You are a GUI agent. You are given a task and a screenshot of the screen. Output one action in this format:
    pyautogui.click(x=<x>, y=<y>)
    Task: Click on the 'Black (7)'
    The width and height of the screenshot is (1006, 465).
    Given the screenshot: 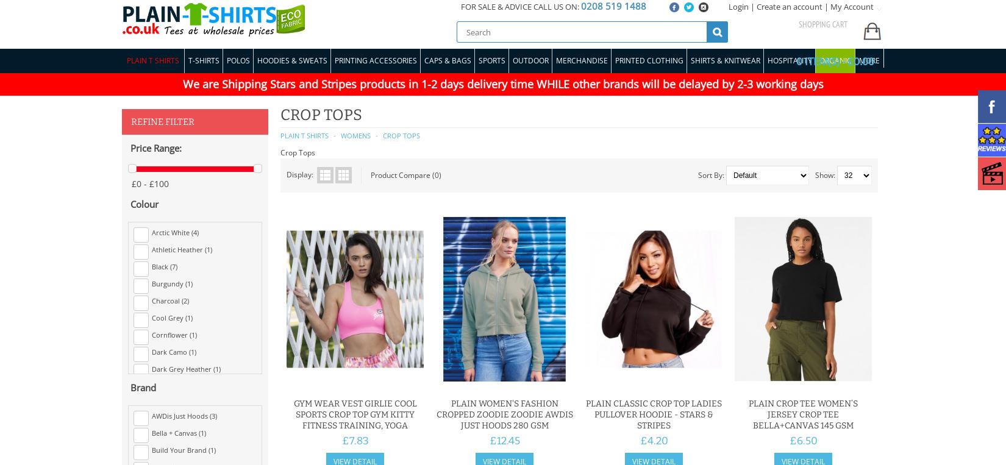 What is the action you would take?
    pyautogui.click(x=164, y=266)
    